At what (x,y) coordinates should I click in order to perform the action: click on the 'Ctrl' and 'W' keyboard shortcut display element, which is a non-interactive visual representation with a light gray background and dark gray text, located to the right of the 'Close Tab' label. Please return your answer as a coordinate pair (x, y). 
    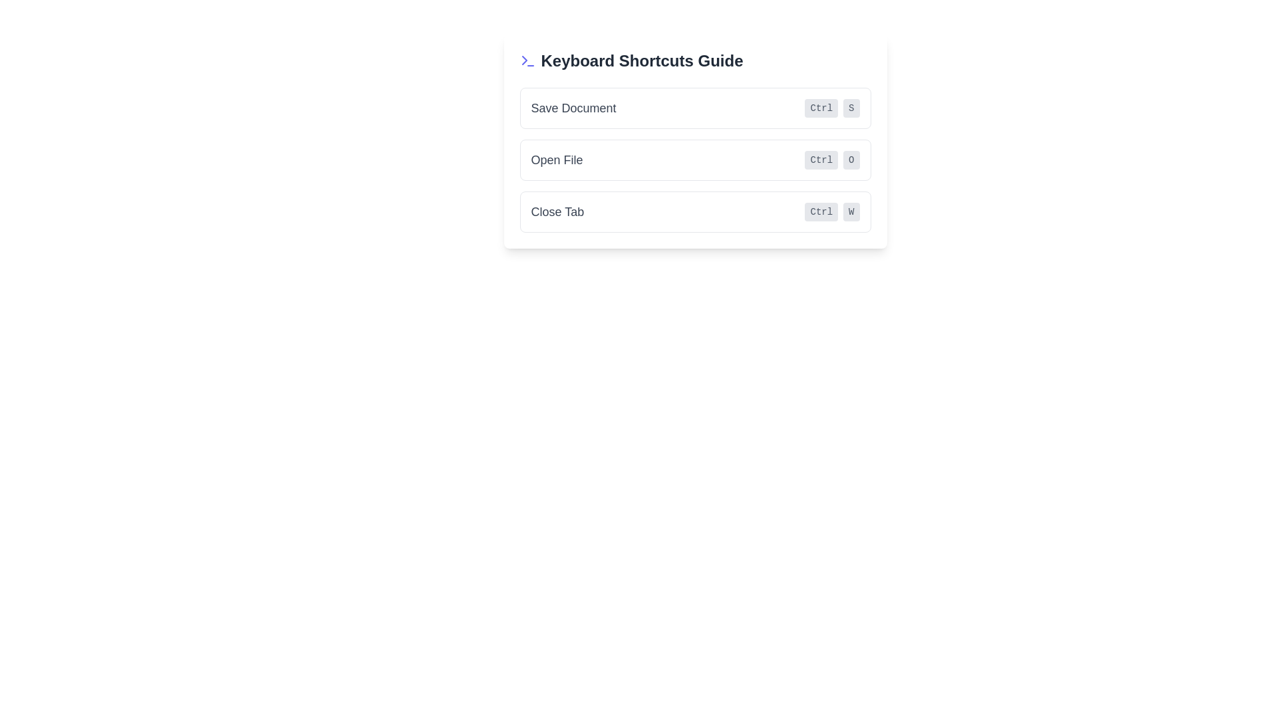
    Looking at the image, I should click on (831, 211).